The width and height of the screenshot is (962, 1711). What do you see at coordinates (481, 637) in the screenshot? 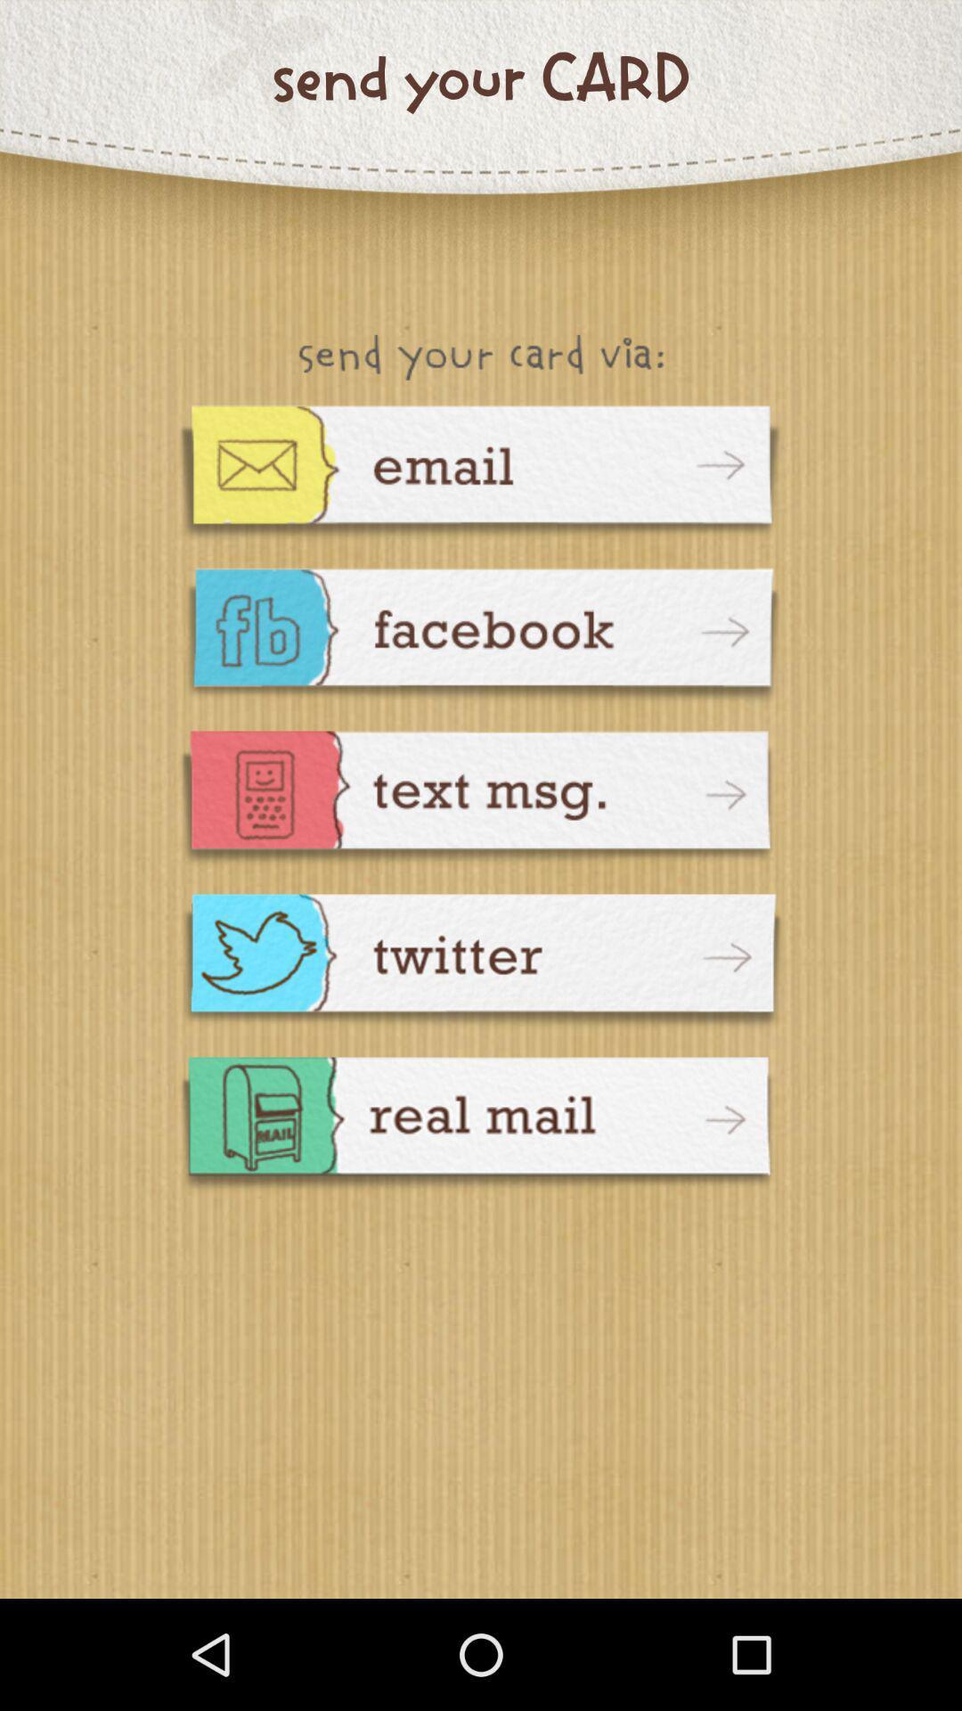
I see `goto facebook` at bounding box center [481, 637].